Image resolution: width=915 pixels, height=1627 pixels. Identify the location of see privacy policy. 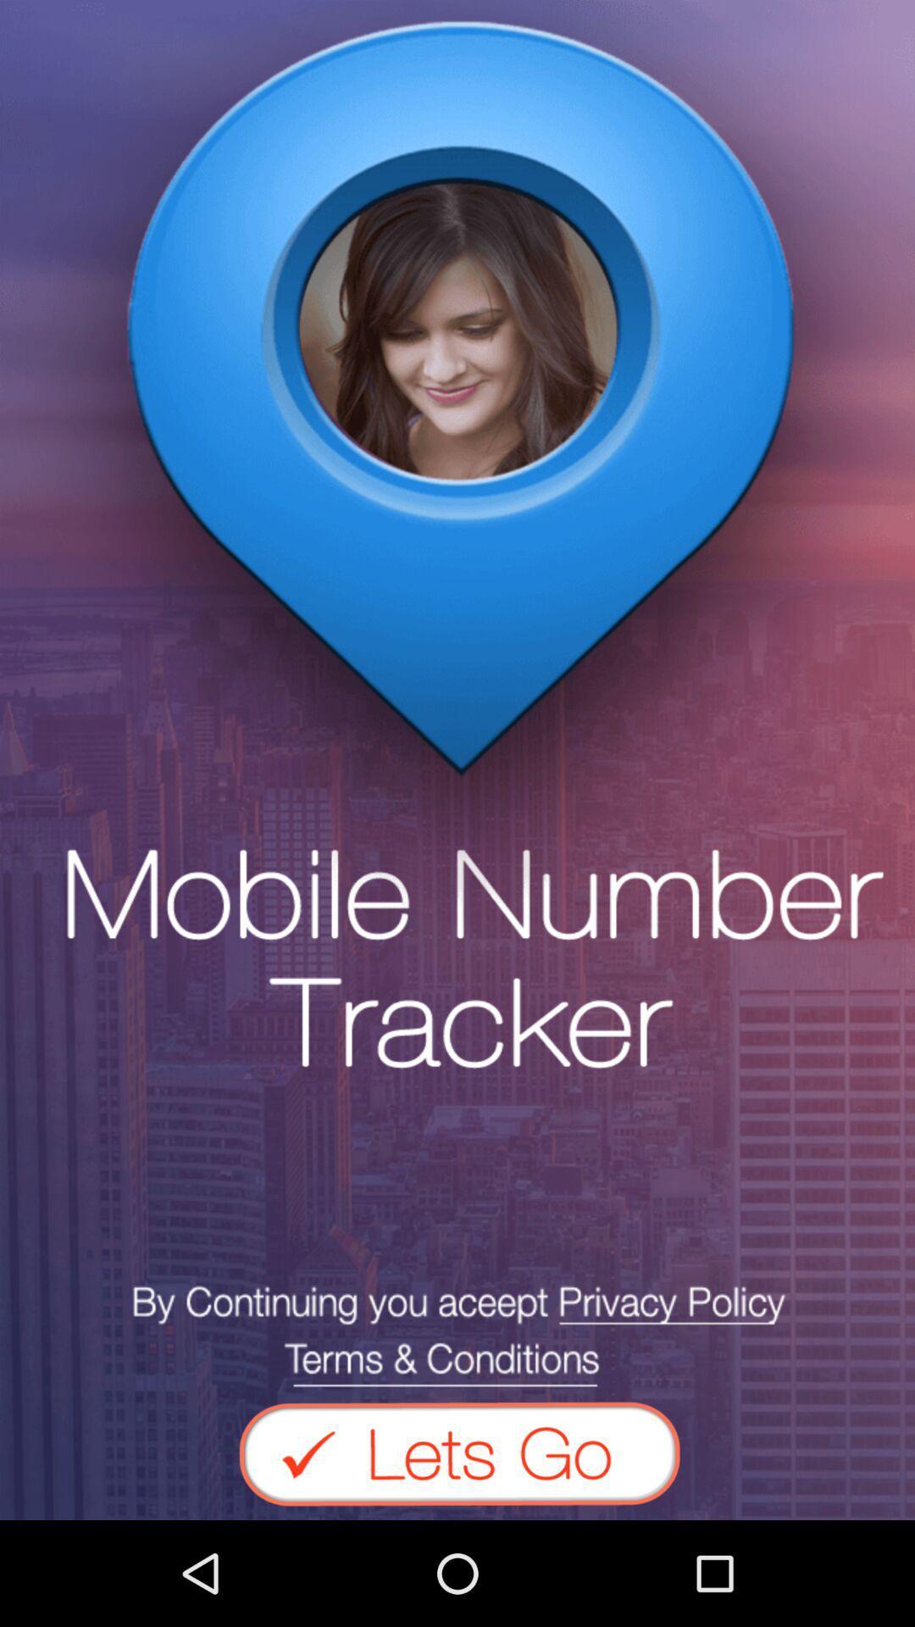
(457, 1335).